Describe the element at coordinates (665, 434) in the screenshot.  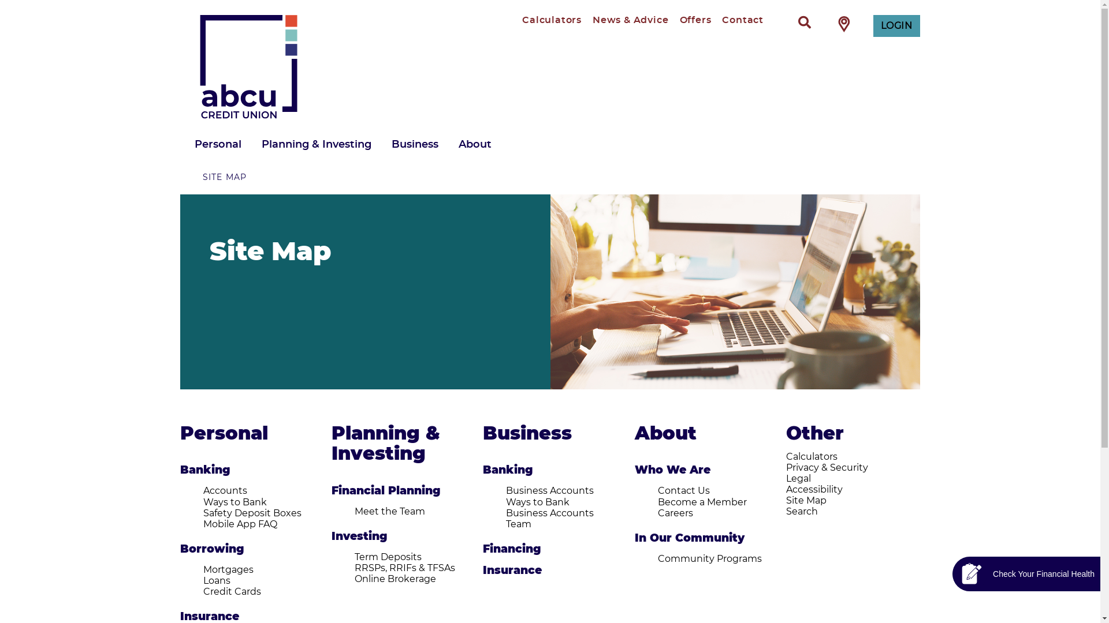
I see `'About'` at that location.